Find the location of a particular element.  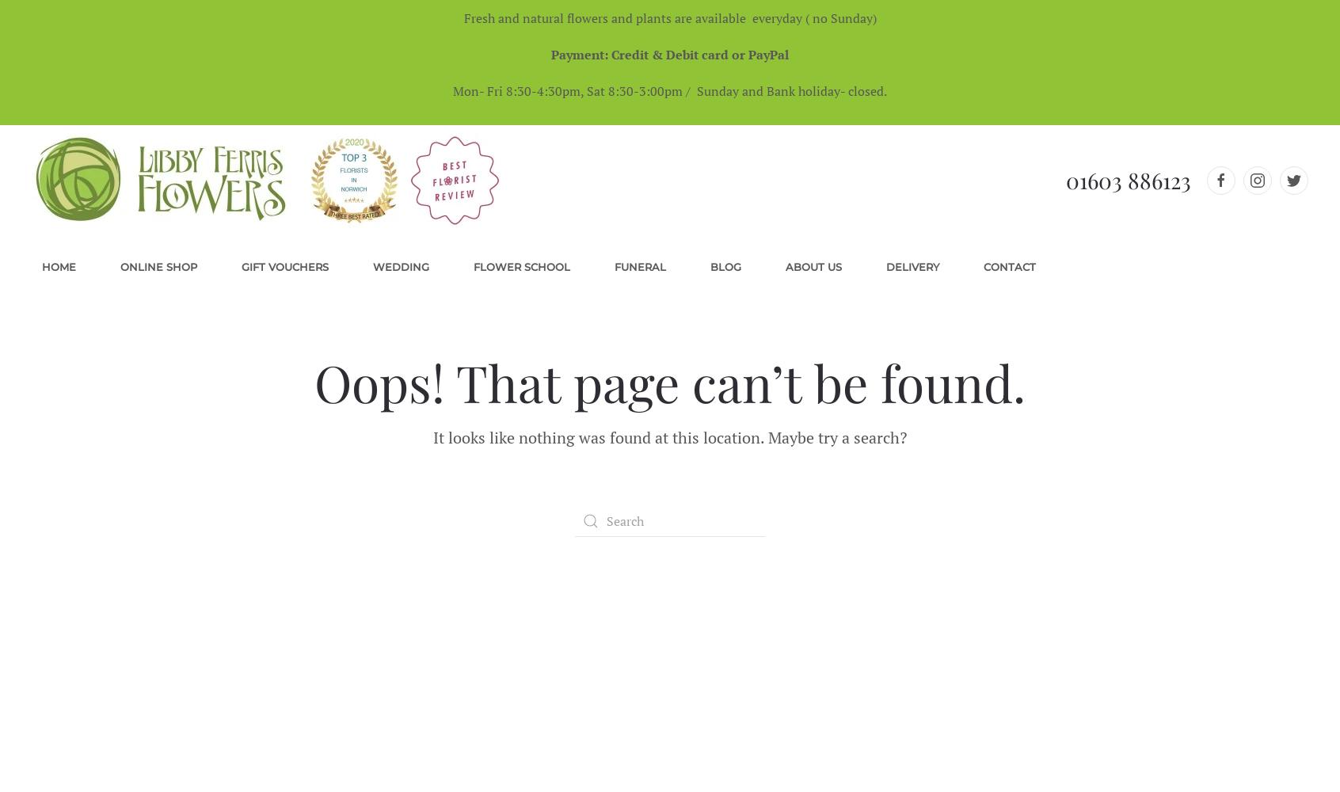

'Wedding' is located at coordinates (401, 266).